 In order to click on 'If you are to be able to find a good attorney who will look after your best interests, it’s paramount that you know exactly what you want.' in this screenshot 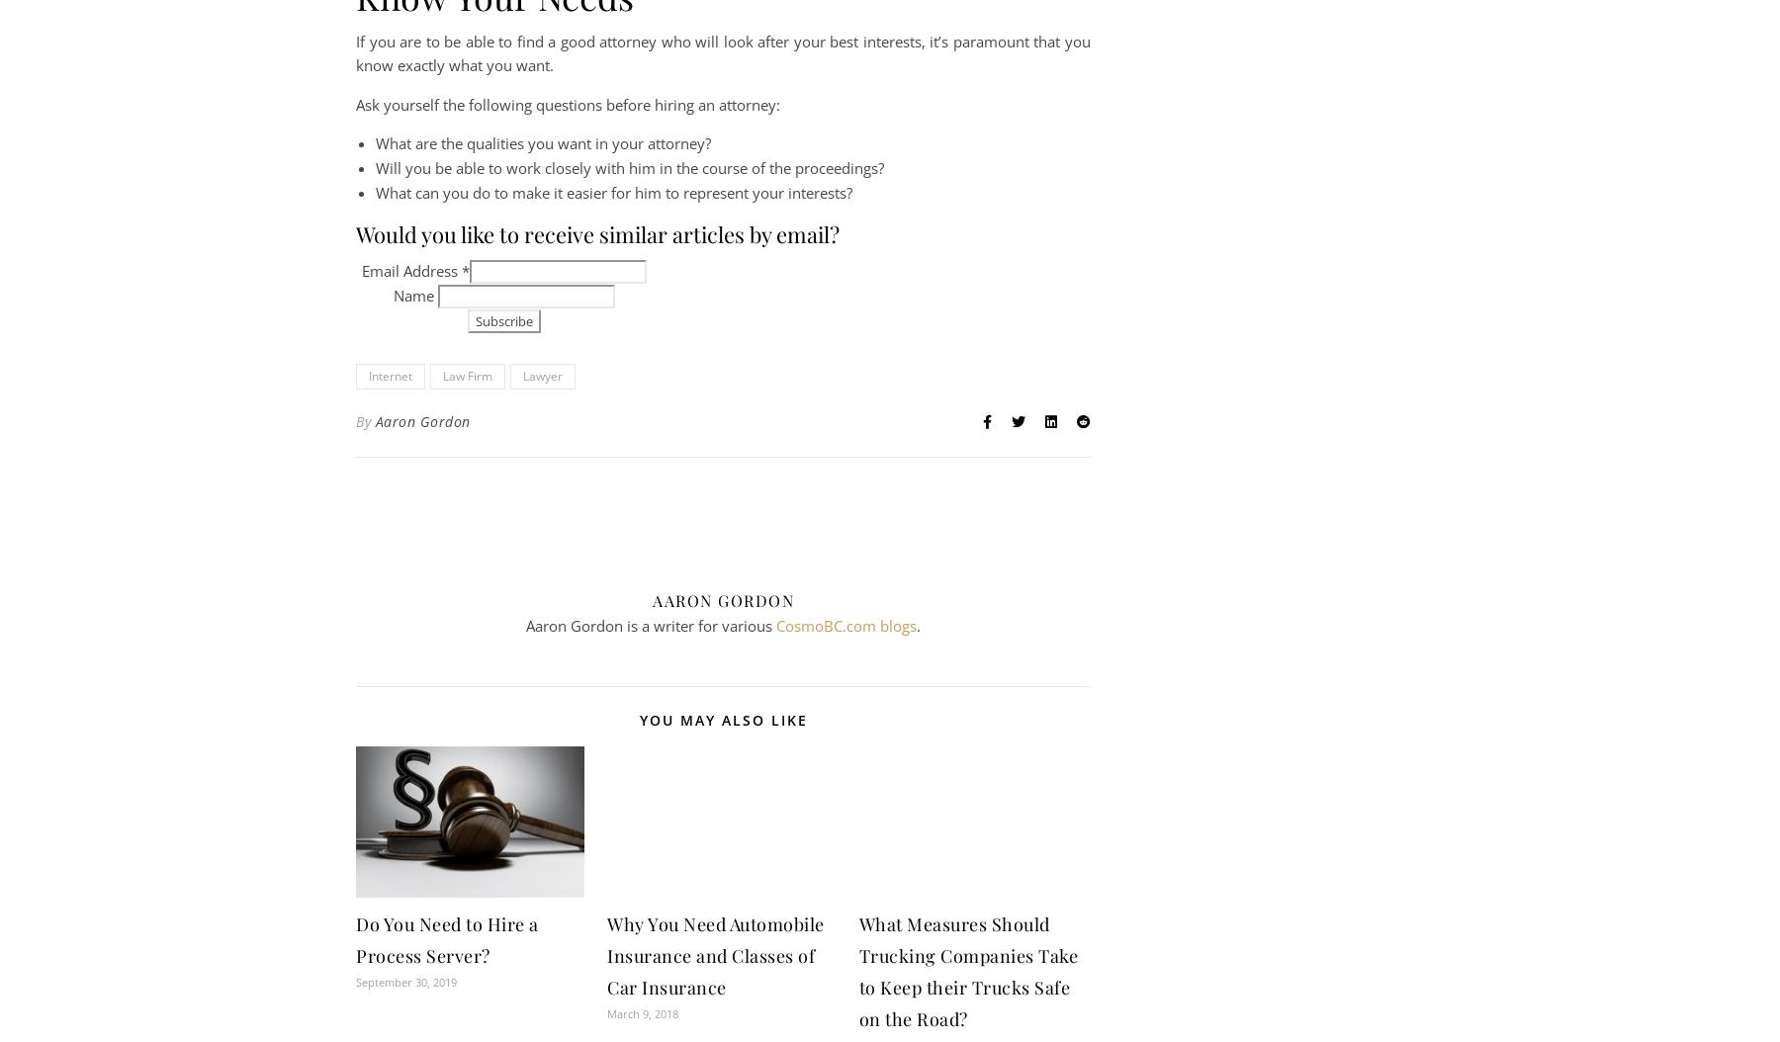, I will do `click(722, 52)`.